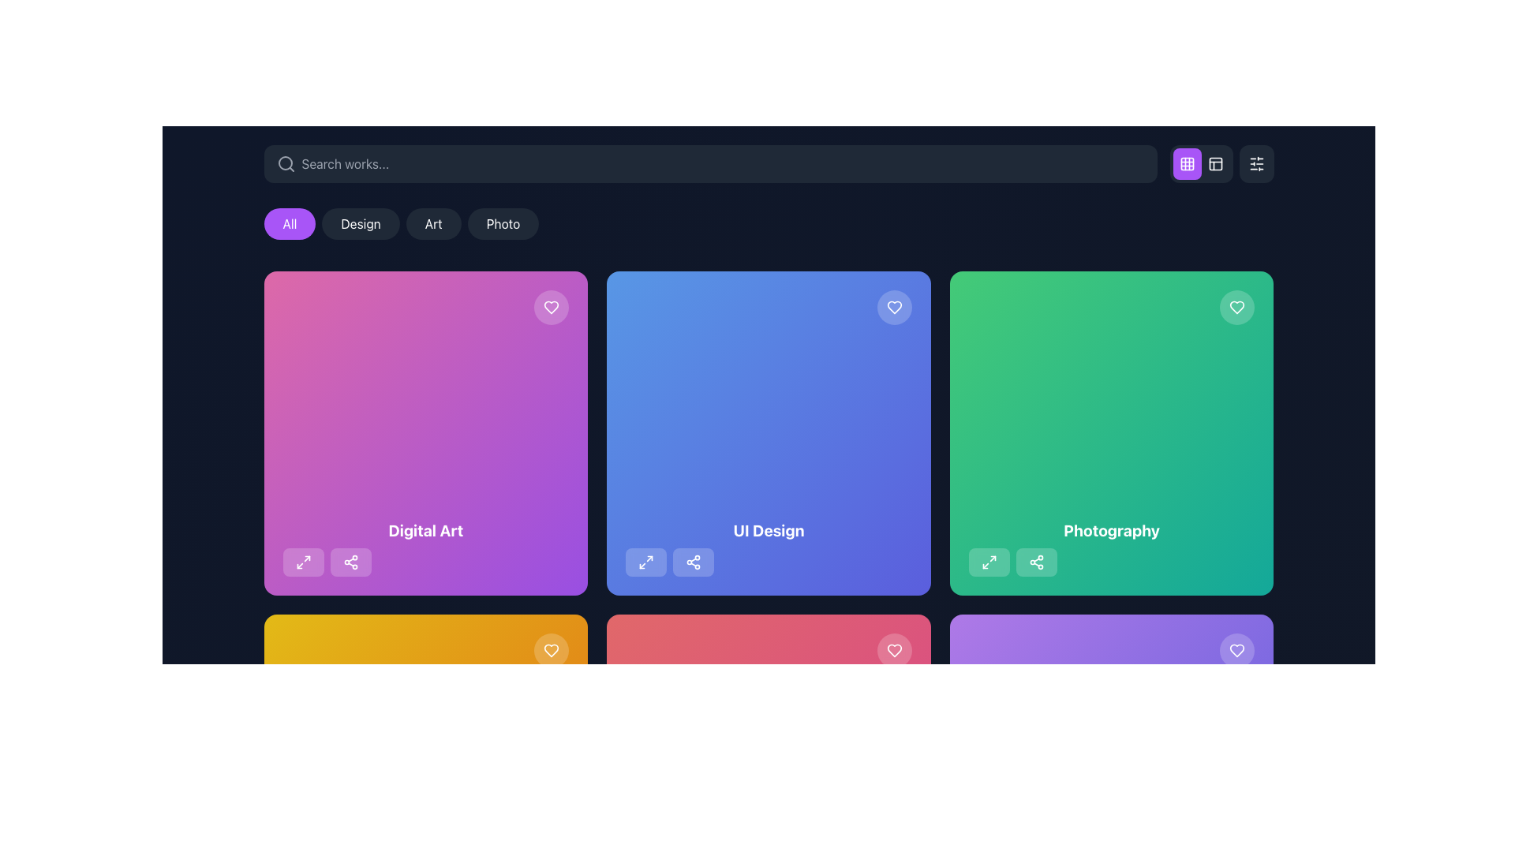 This screenshot has width=1515, height=852. I want to click on the icon with a horizontal sliders motif located in the top-right area of the interface, so click(1255, 164).